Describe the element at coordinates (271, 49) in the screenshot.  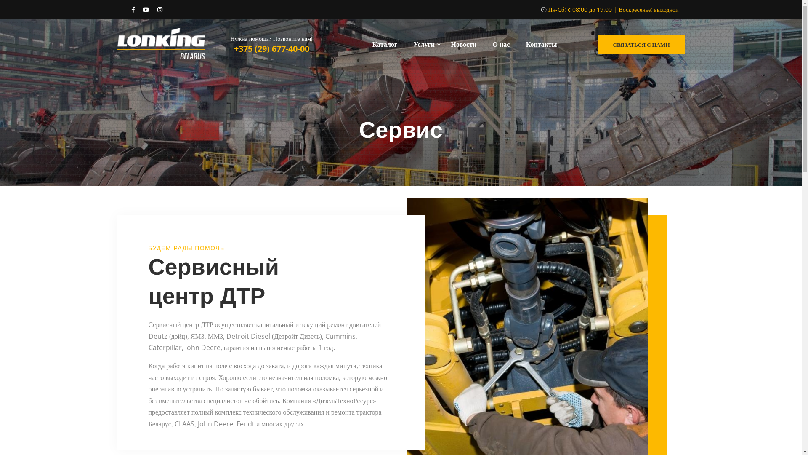
I see `'+375 (29) 677-40-00'` at that location.